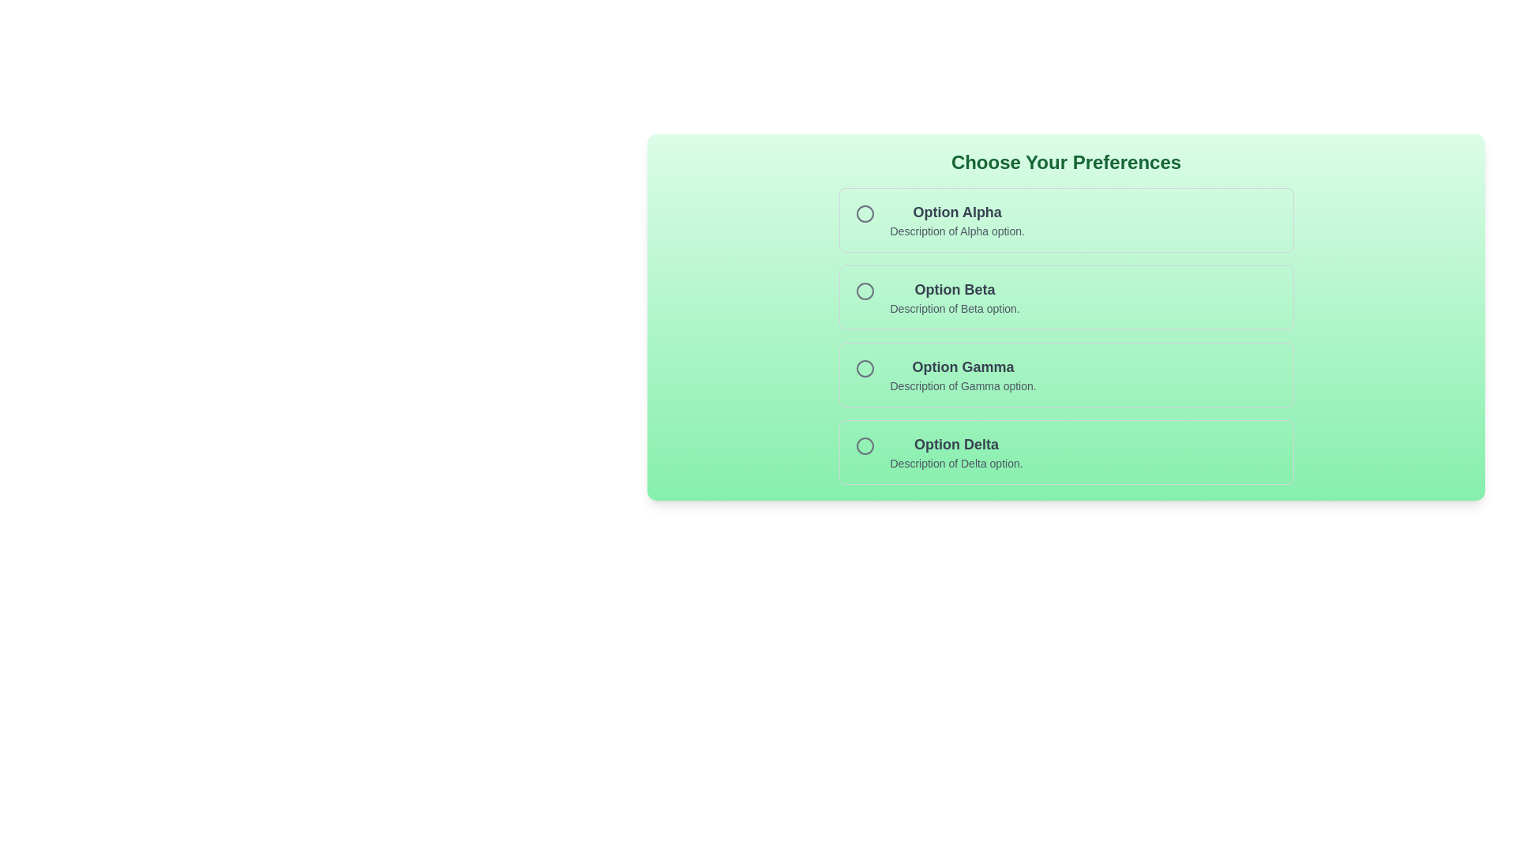 Image resolution: width=1516 pixels, height=853 pixels. I want to click on the radio button, so click(864, 291).